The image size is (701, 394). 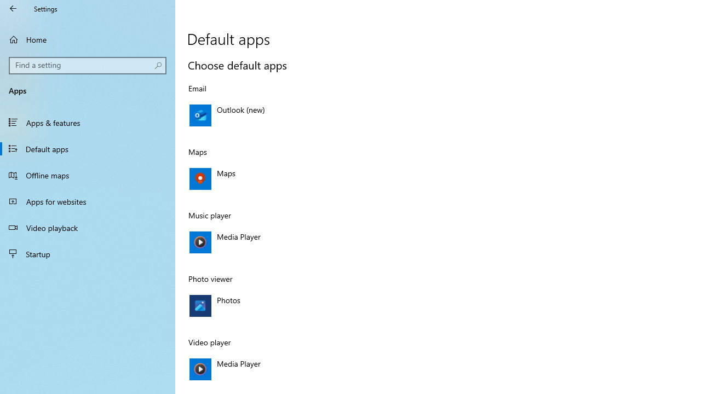 I want to click on 'Video playback', so click(x=88, y=227).